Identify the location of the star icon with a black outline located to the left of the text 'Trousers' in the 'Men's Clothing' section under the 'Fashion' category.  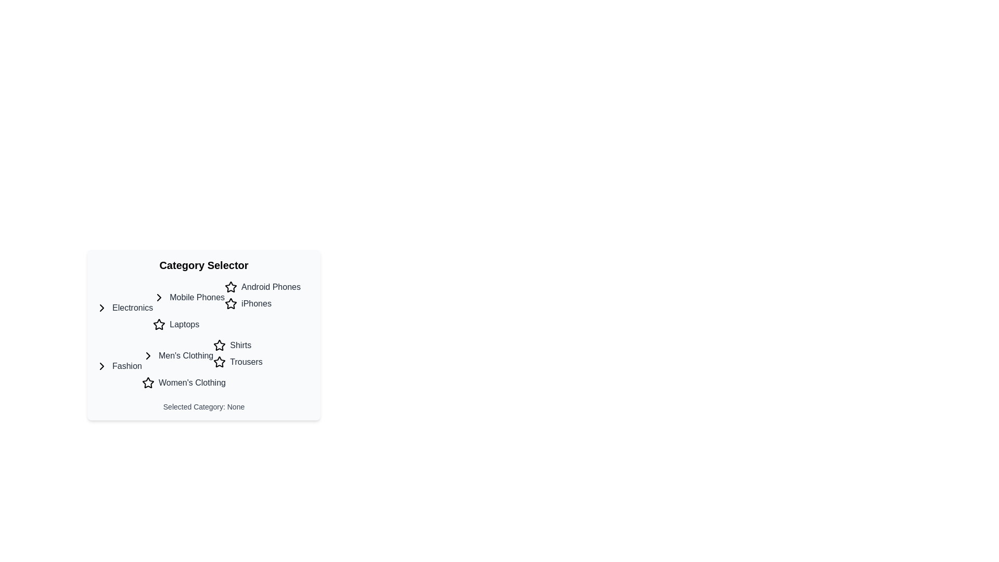
(219, 361).